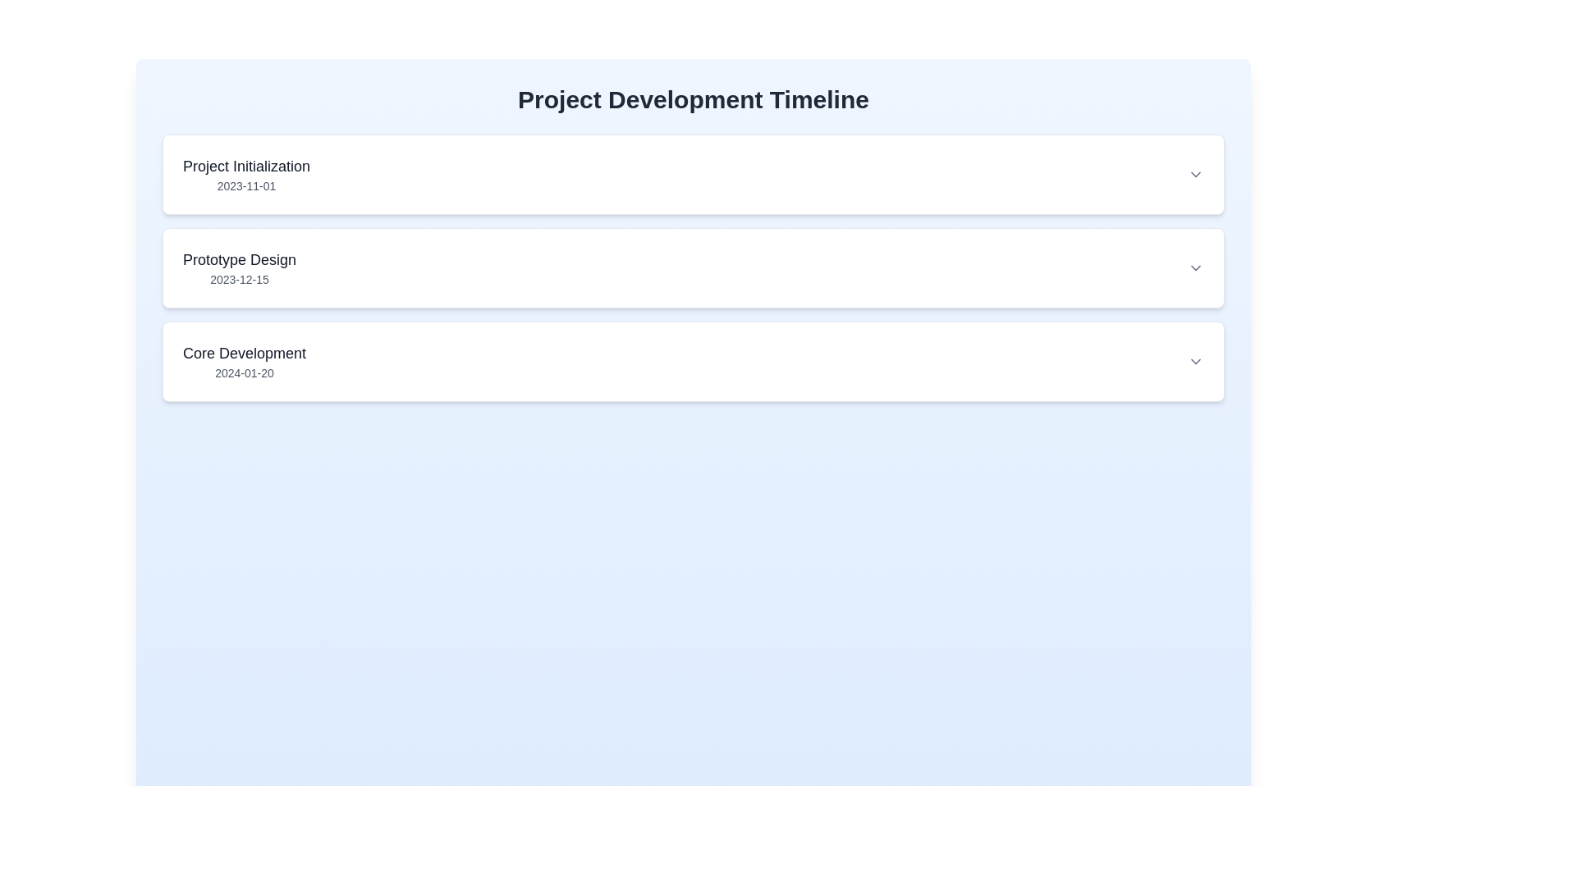  Describe the element at coordinates (245, 174) in the screenshot. I see `text from the project milestone description located at the top left corner of the first card in the vertical list of cards` at that location.